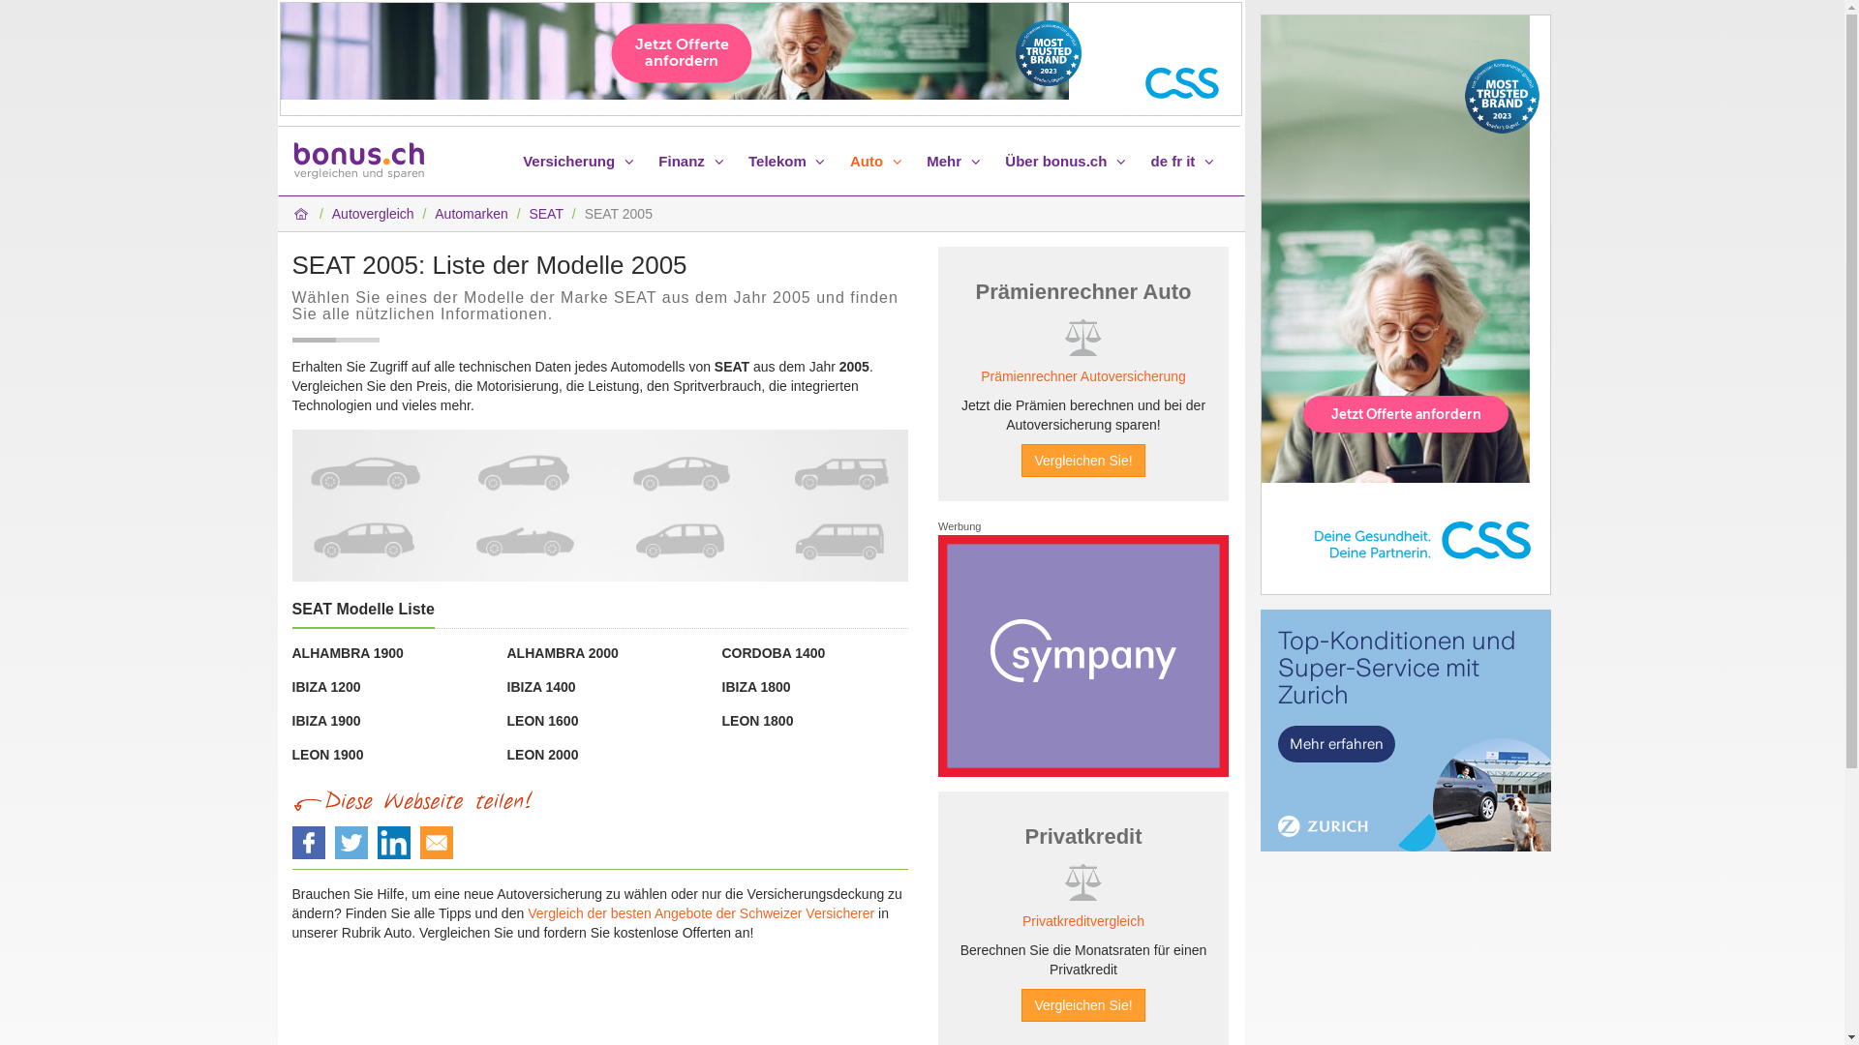 The image size is (1859, 1045). Describe the element at coordinates (700, 913) in the screenshot. I see `'Vergleich der besten Angebote der Schweizer Versicherer'` at that location.